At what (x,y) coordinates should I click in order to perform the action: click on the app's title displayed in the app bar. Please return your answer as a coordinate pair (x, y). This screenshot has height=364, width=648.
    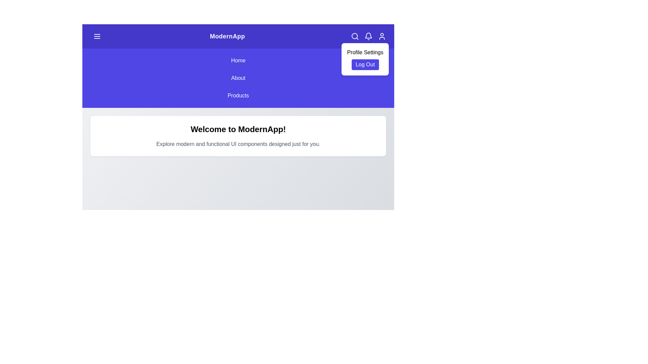
    Looking at the image, I should click on (227, 36).